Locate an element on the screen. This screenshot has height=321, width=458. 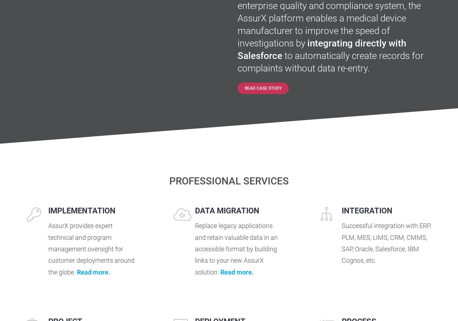
'PROFESSIONAL SERVICES' is located at coordinates (229, 181).